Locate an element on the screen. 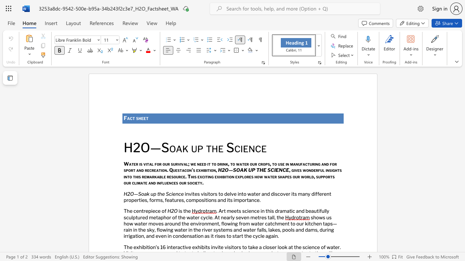 The image size is (465, 261). the subset text "e environment, flowing from water catchment to our kitchen tap" within the text "shows us how water moves around the environment, flowing from water catchment to our kitchen taps" is located at coordinates (186, 223).